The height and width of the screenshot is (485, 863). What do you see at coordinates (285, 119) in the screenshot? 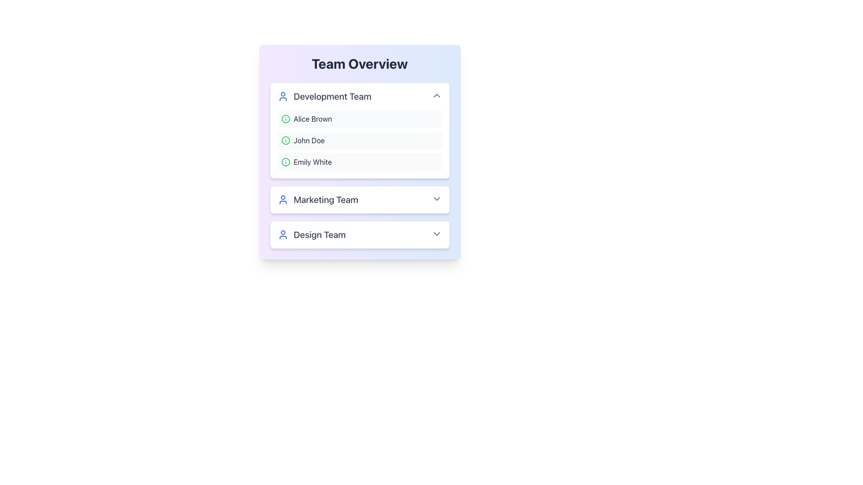
I see `the informational icon associated with 'Alice Brown' in the 'Development Team' section, positioned to the left of her name` at bounding box center [285, 119].